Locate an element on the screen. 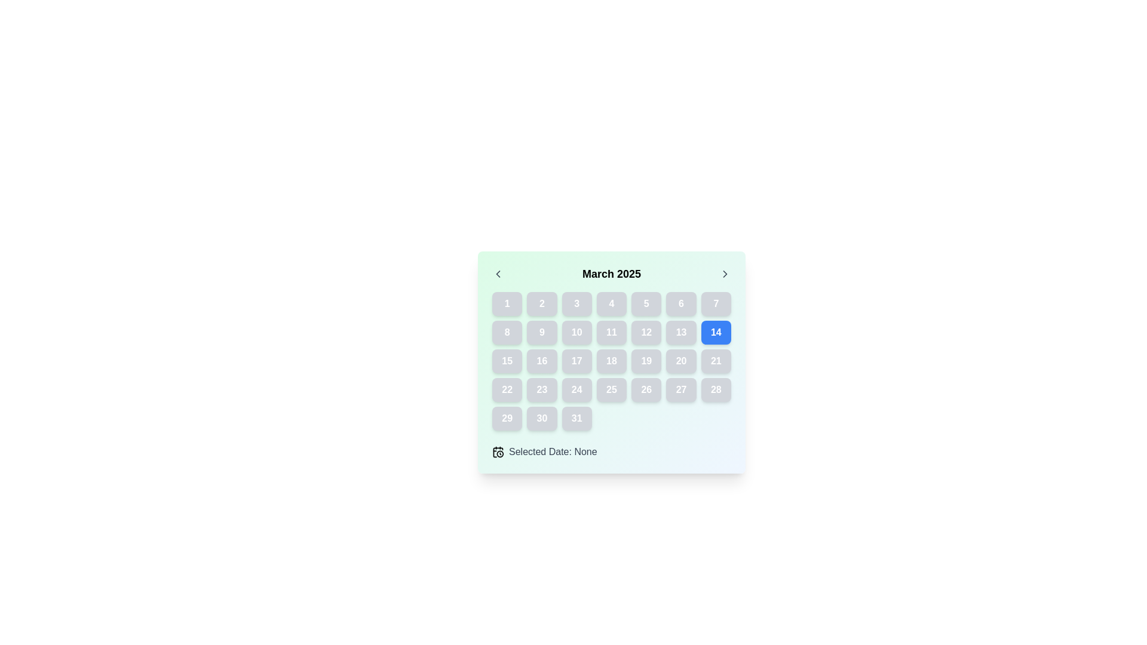 This screenshot has height=645, width=1147. the clickable date option '28' in the calendar widget is located at coordinates (716, 389).